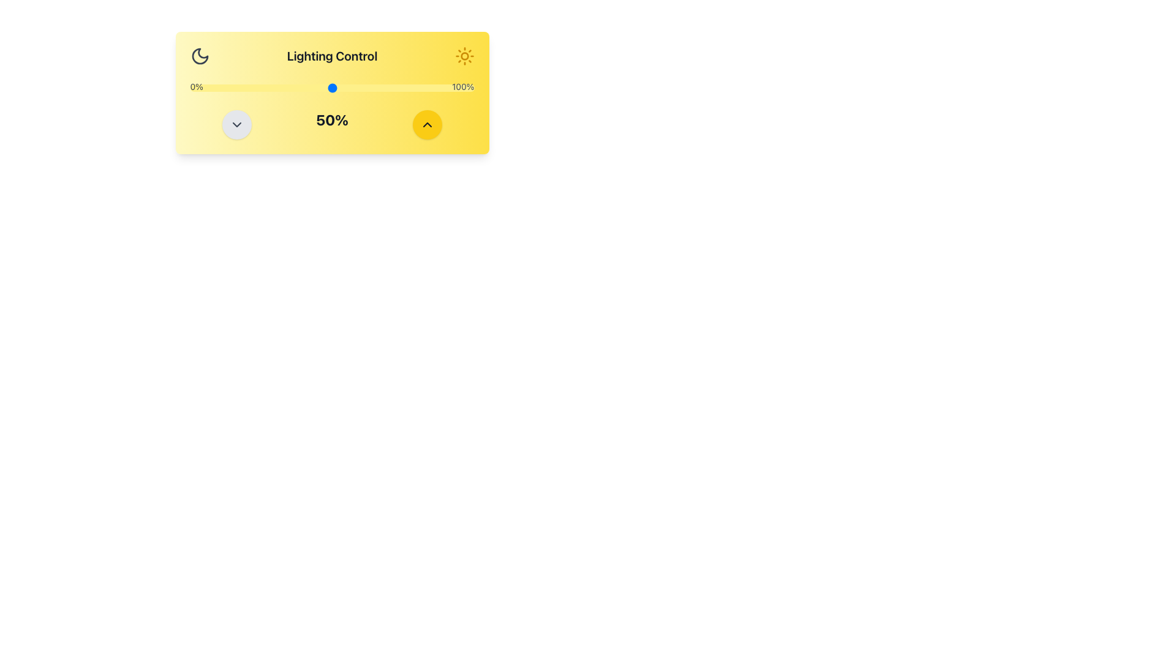 The height and width of the screenshot is (661, 1176). Describe the element at coordinates (357, 87) in the screenshot. I see `the lighting intensity` at that location.